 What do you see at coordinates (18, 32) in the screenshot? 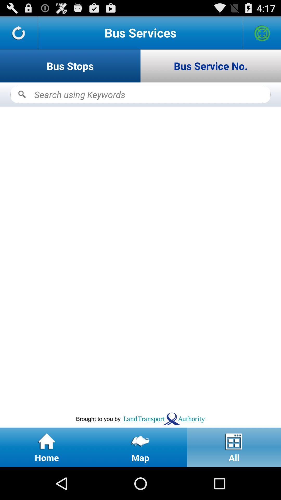
I see `refresh the bus stops list` at bounding box center [18, 32].